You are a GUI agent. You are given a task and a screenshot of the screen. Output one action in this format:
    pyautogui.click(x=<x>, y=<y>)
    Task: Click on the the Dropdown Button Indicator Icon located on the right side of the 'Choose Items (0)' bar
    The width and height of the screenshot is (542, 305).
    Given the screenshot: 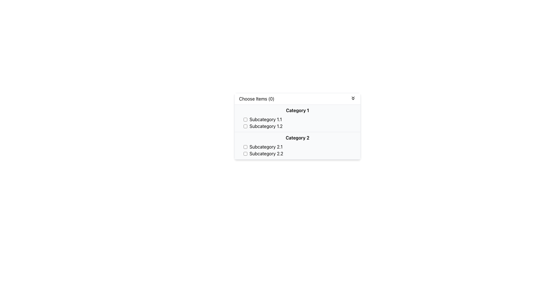 What is the action you would take?
    pyautogui.click(x=353, y=98)
    